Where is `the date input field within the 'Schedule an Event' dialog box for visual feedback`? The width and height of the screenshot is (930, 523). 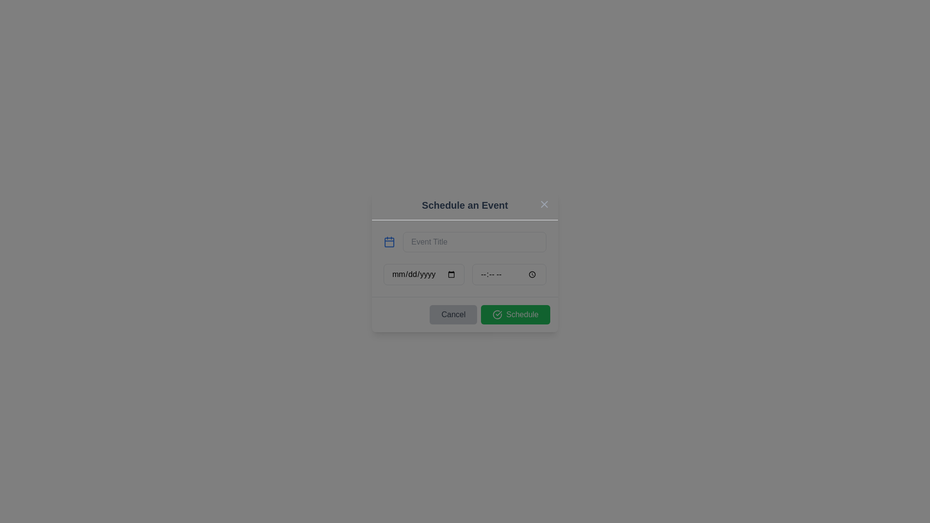 the date input field within the 'Schedule an Event' dialog box for visual feedback is located at coordinates (424, 275).